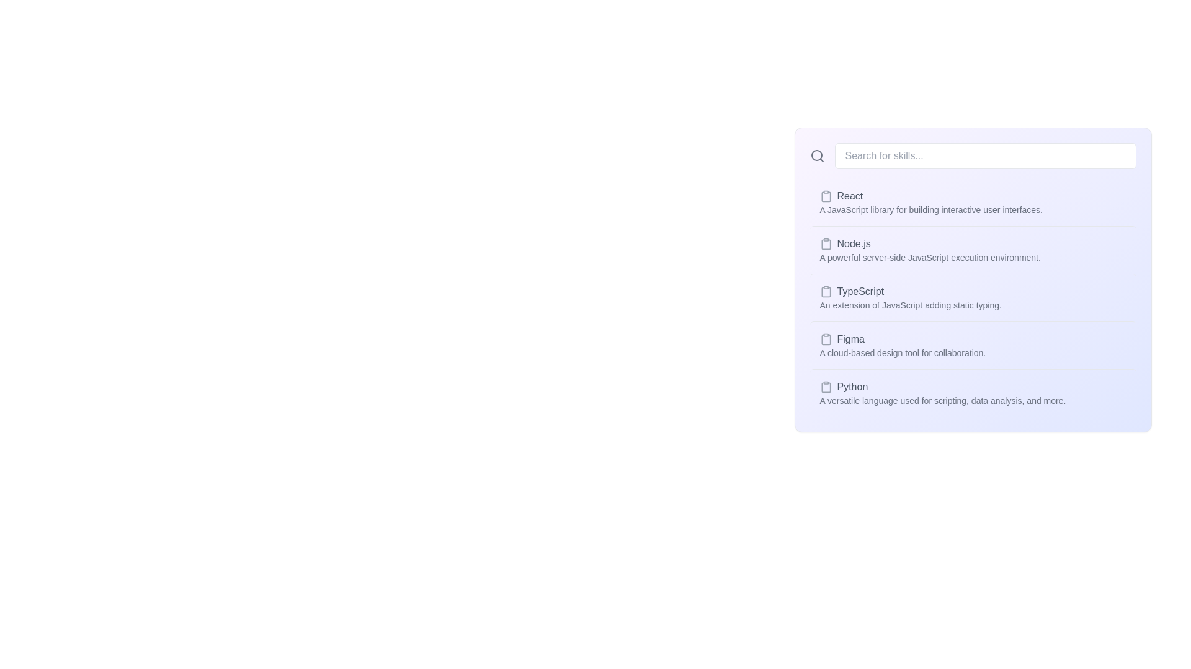  I want to click on the List Item that provides information about the 'TypeScript' technology, located as the third item in the vertical list, so click(911, 298).